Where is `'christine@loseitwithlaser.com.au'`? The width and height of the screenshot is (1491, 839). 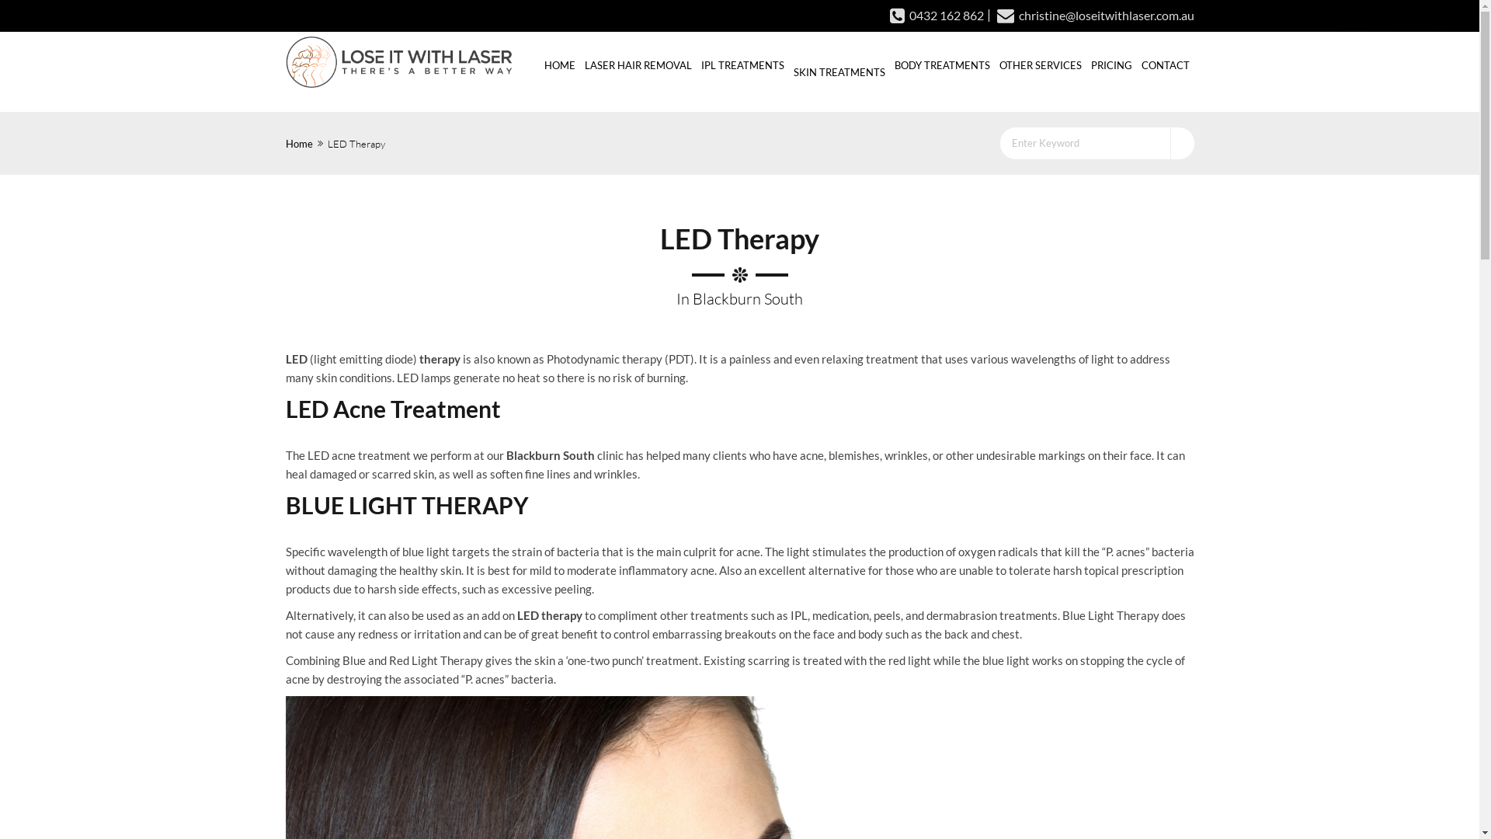 'christine@loseitwithlaser.com.au' is located at coordinates (1090, 15).